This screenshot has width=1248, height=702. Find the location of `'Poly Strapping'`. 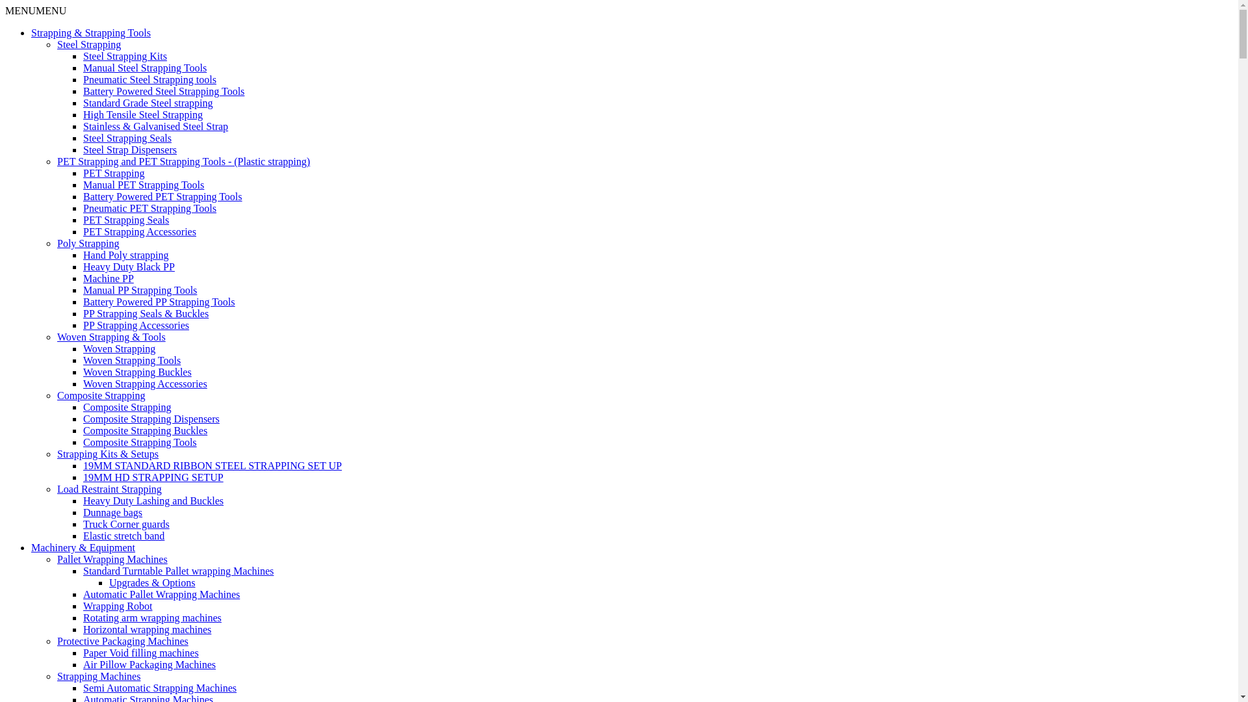

'Poly Strapping' is located at coordinates (56, 243).